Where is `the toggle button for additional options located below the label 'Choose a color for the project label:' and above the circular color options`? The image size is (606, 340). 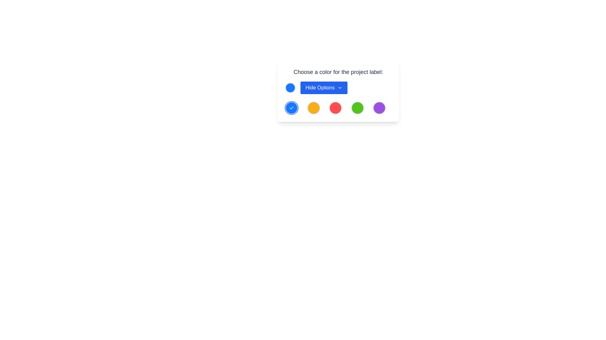
the toggle button for additional options located below the label 'Choose a color for the project label:' and above the circular color options is located at coordinates (338, 88).